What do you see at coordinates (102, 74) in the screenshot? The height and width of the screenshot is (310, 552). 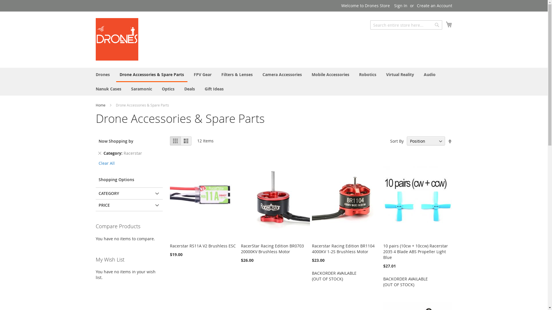 I see `'Drones'` at bounding box center [102, 74].